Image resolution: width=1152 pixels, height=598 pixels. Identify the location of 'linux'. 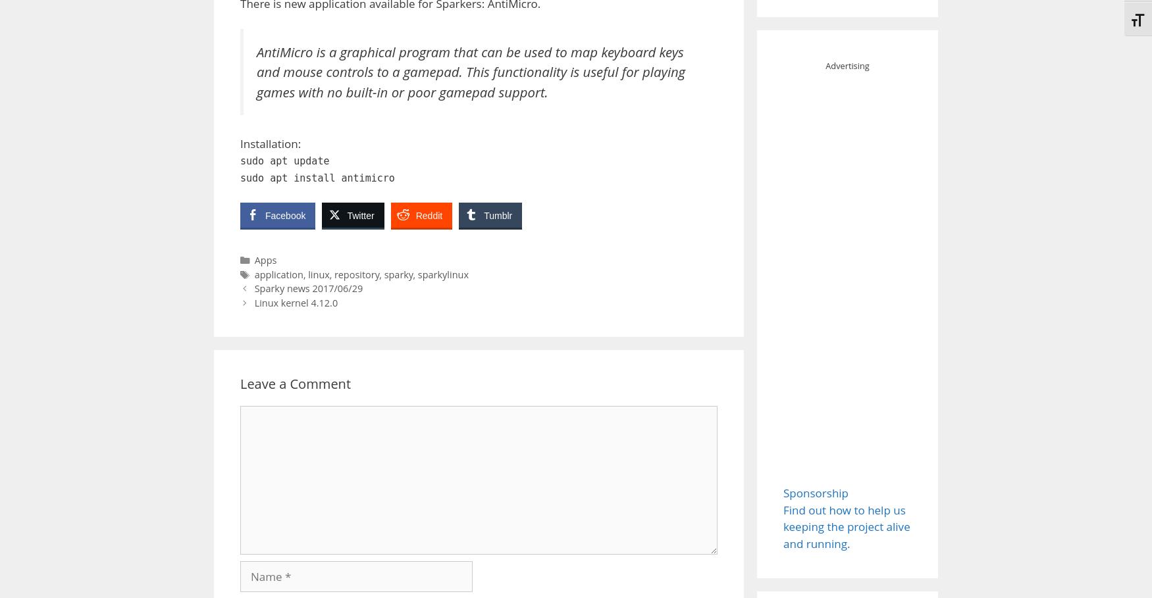
(319, 274).